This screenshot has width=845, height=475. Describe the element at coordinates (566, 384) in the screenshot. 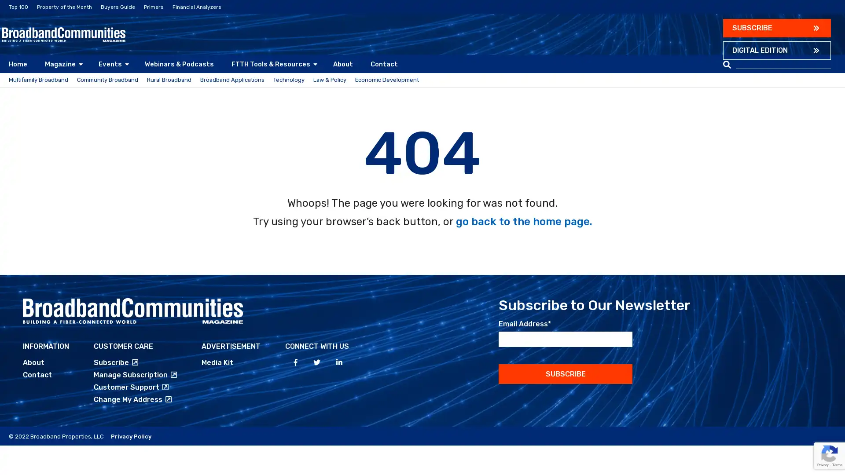

I see `Subscribe` at that location.